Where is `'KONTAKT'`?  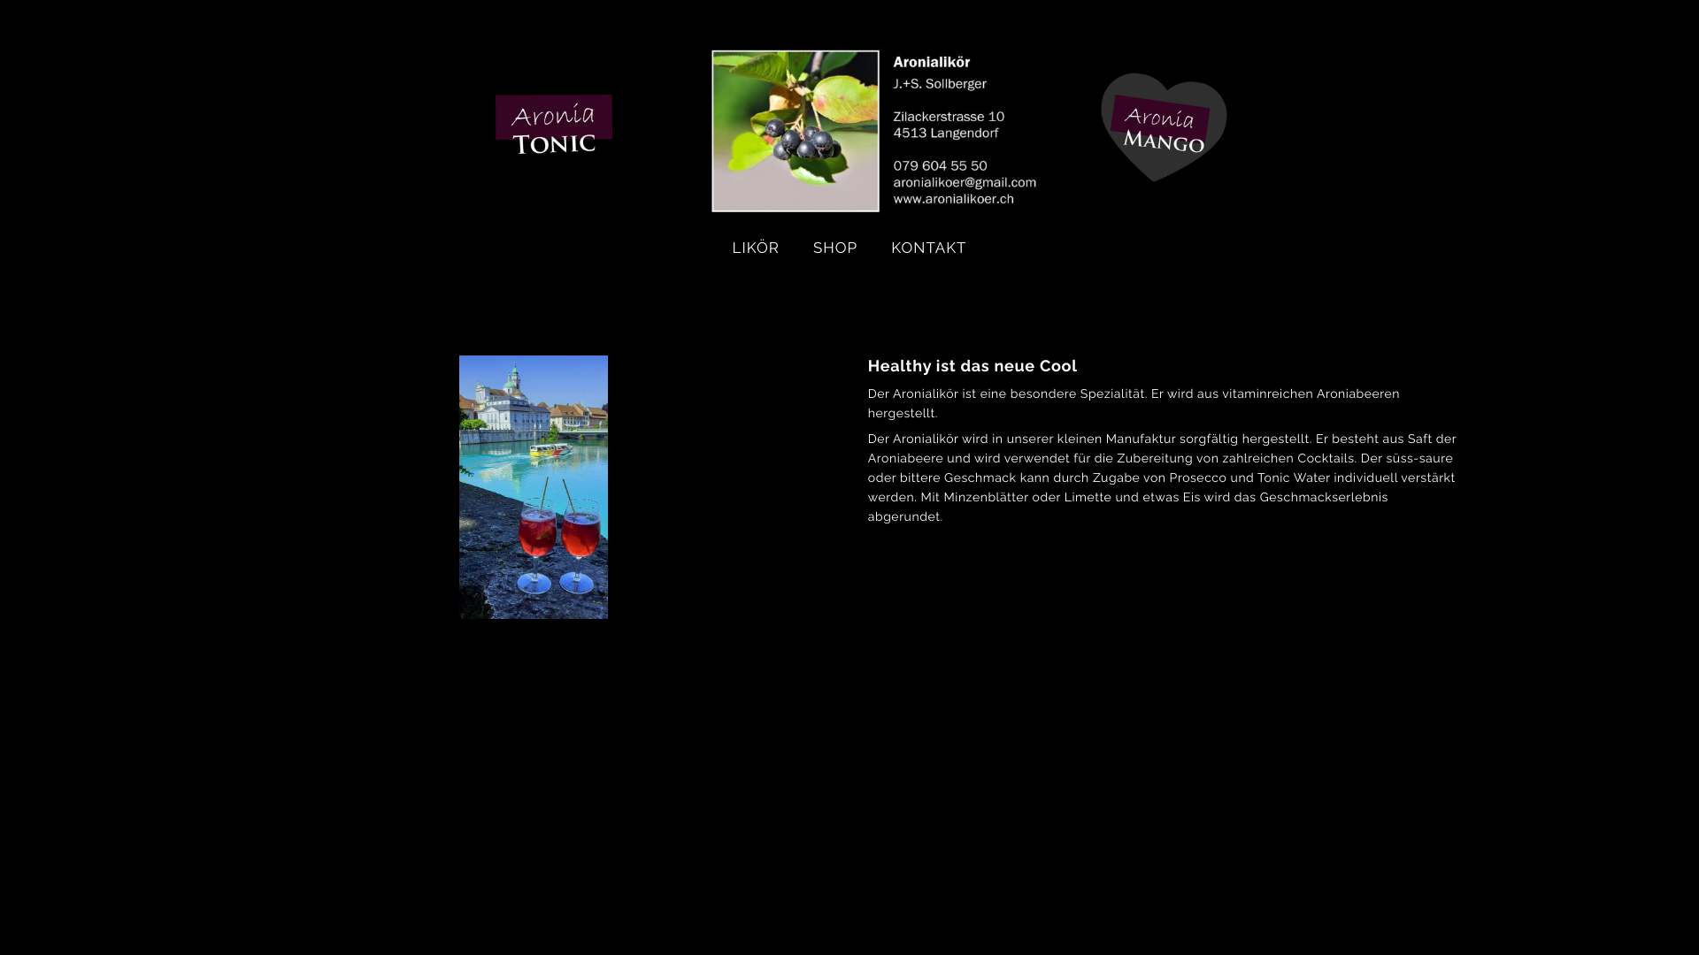
'KONTAKT' is located at coordinates (927, 248).